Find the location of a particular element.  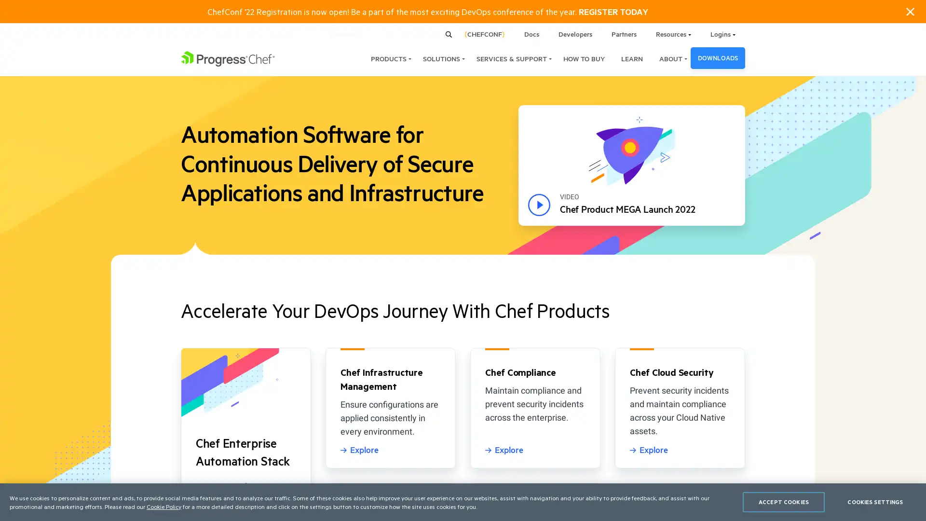

Logins is located at coordinates (722, 34).